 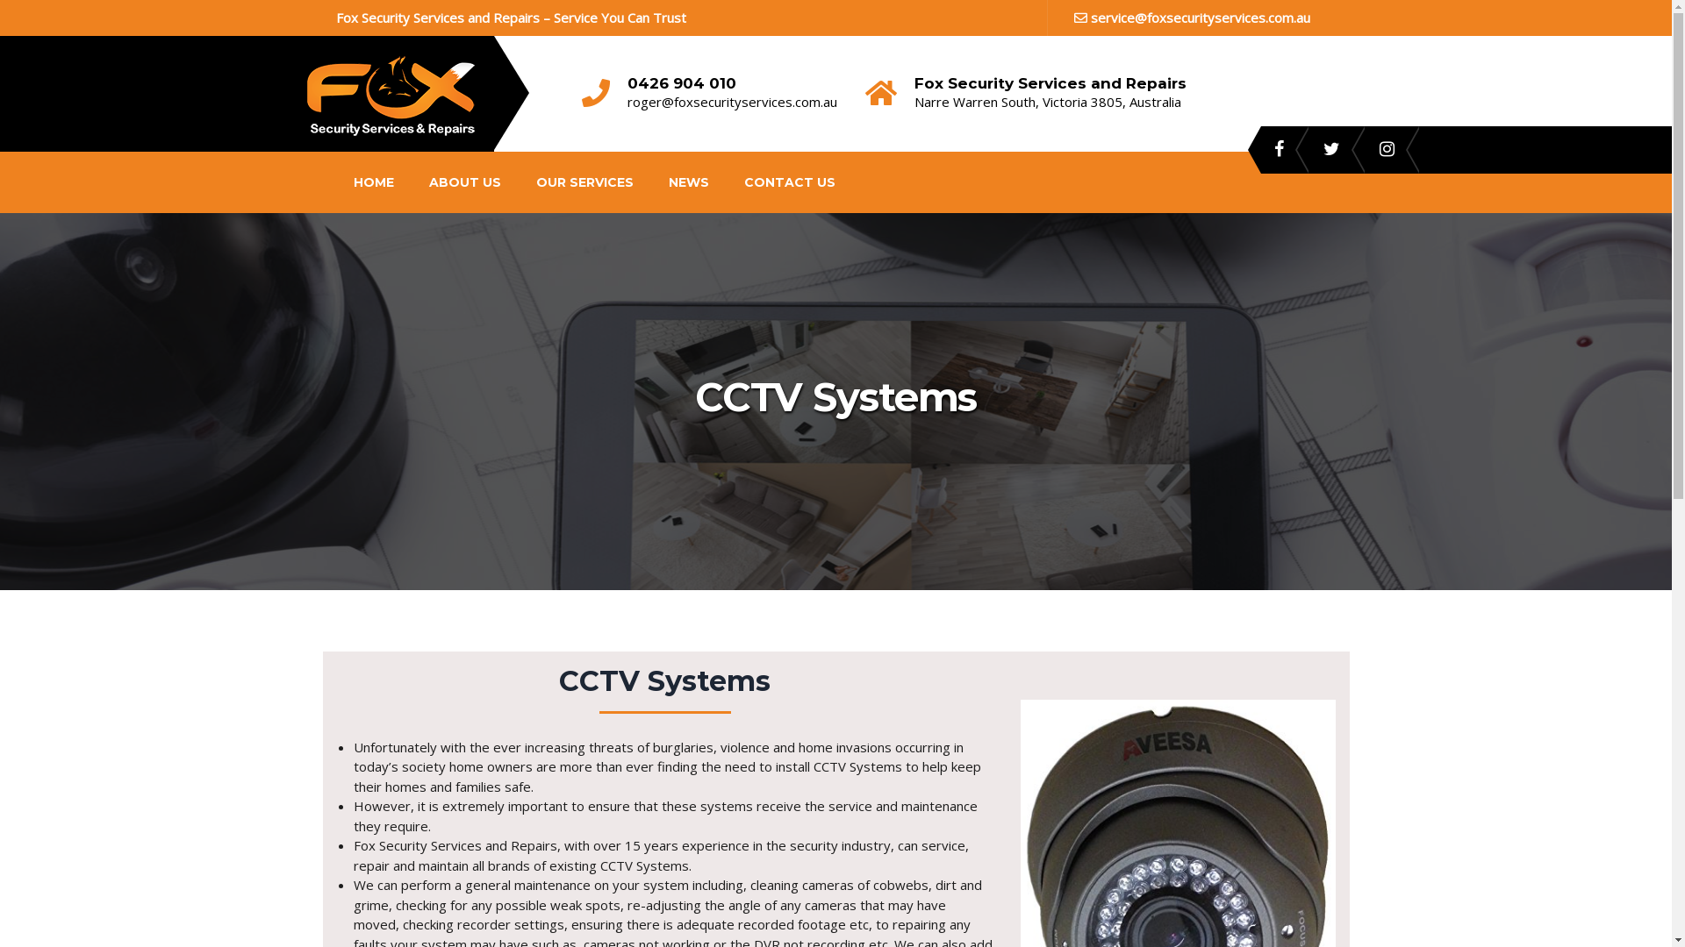 I want to click on 'service@foxsecurityservices.com.au', so click(x=1192, y=17).